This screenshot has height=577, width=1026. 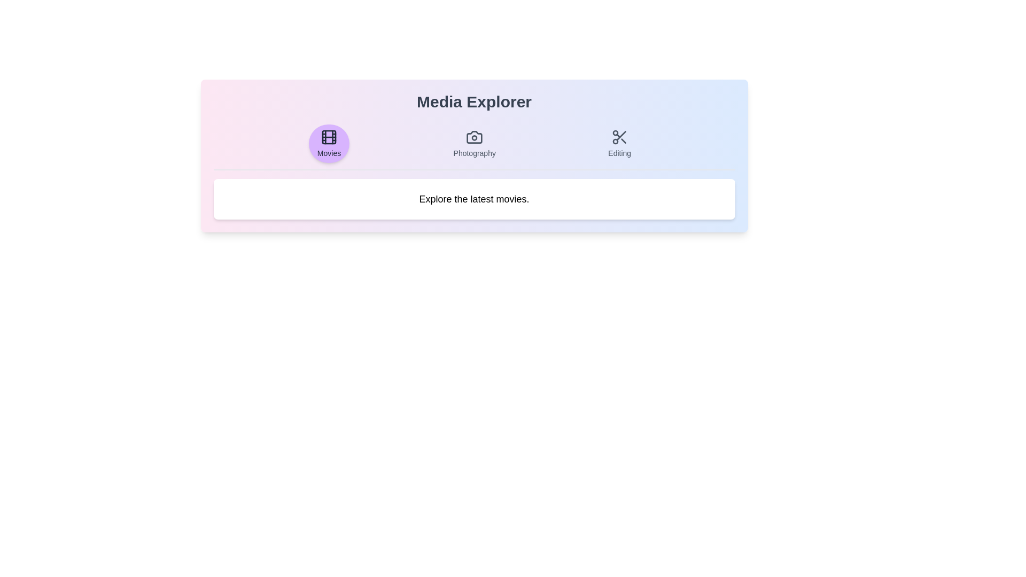 What do you see at coordinates (619, 143) in the screenshot?
I see `the Editing tab in the AdvancedMediaTabs component` at bounding box center [619, 143].